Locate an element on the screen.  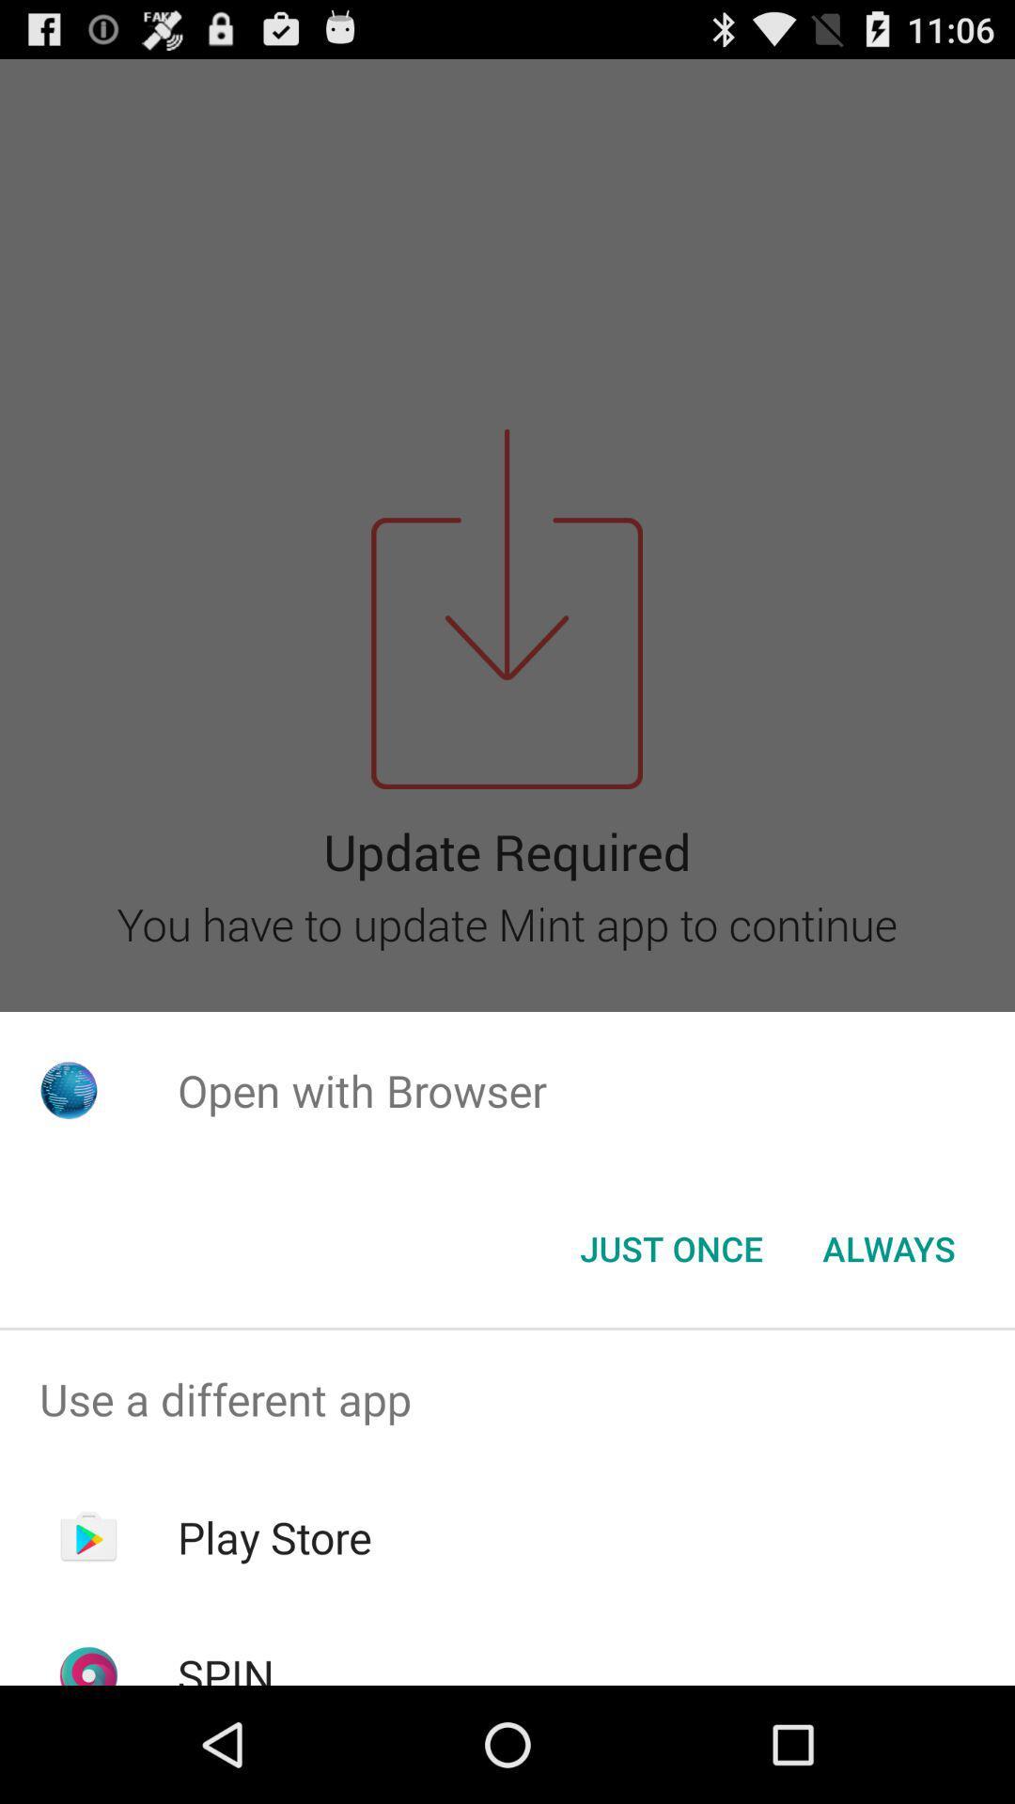
just once is located at coordinates (670, 1249).